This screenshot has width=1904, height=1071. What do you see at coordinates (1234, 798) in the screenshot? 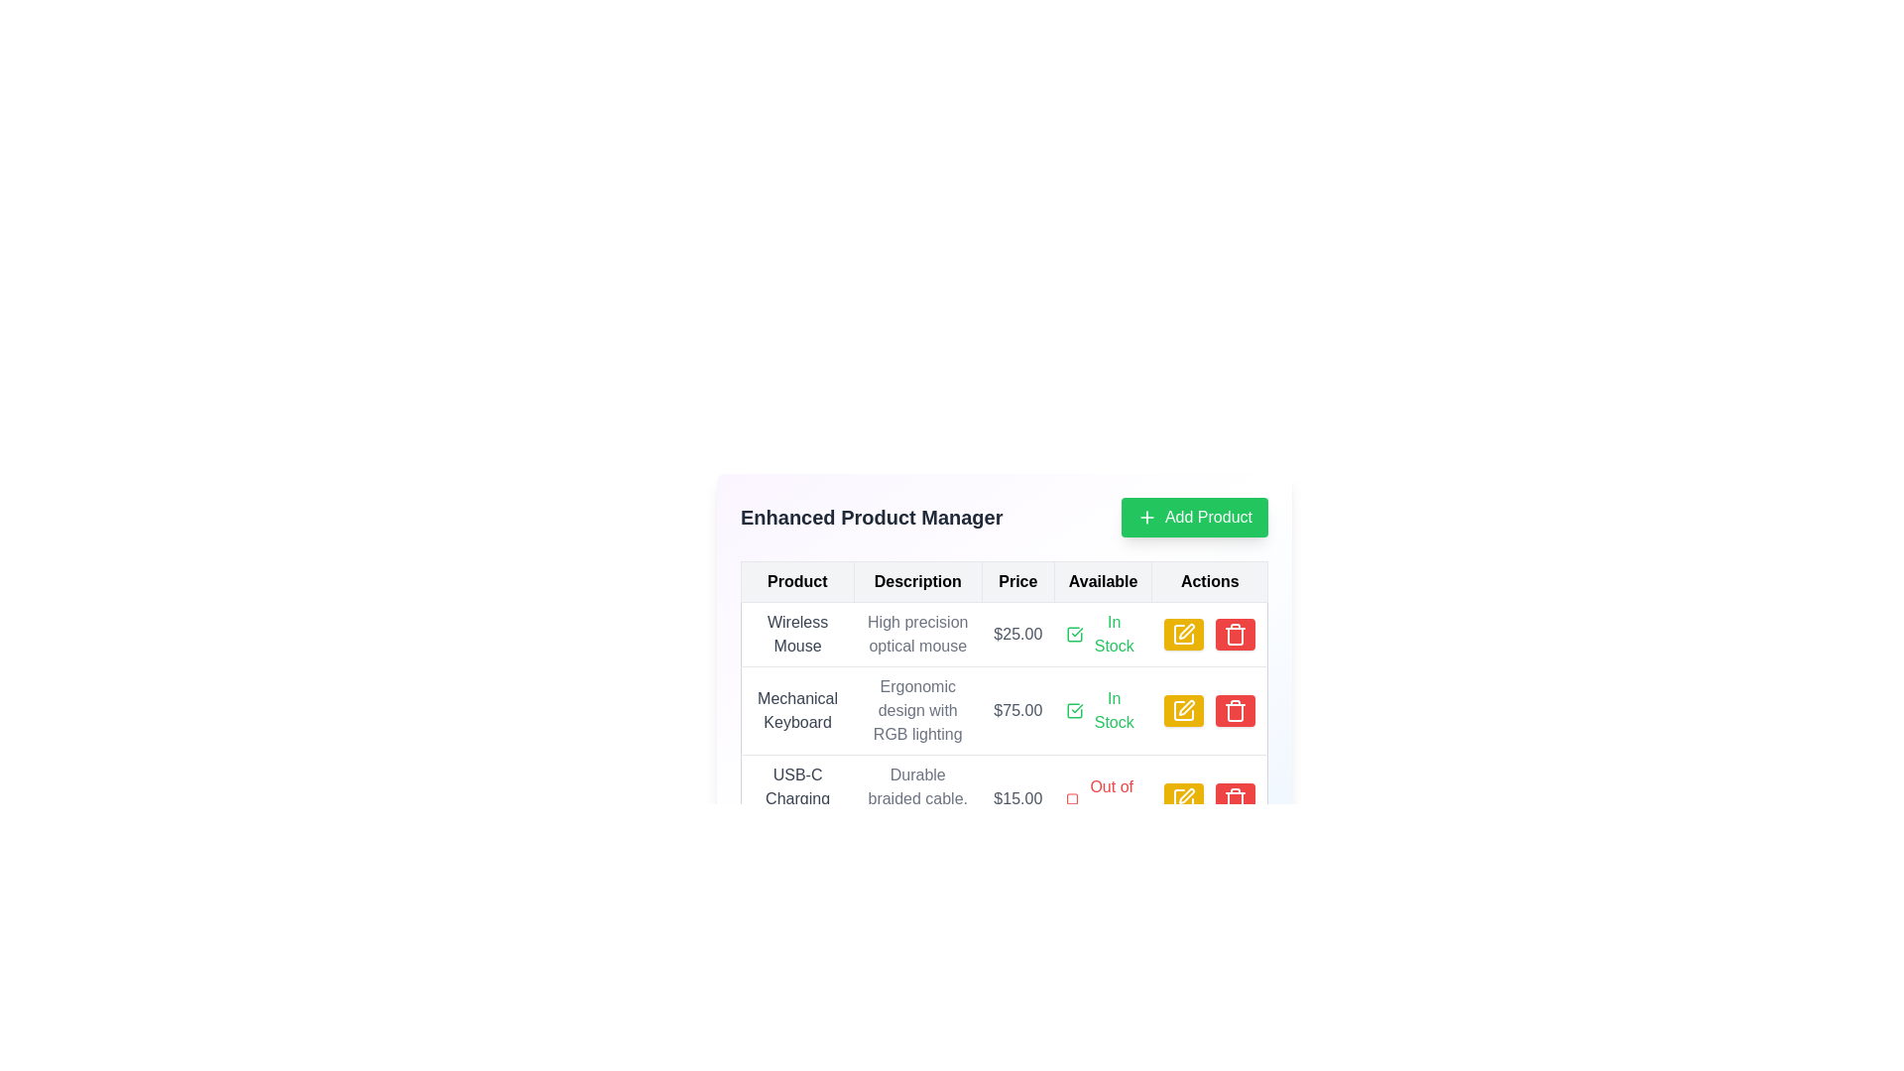
I see `the delete button located in the 'Actions' column of the last row in the table, positioned to the right of the yellow pencil icon button` at bounding box center [1234, 798].